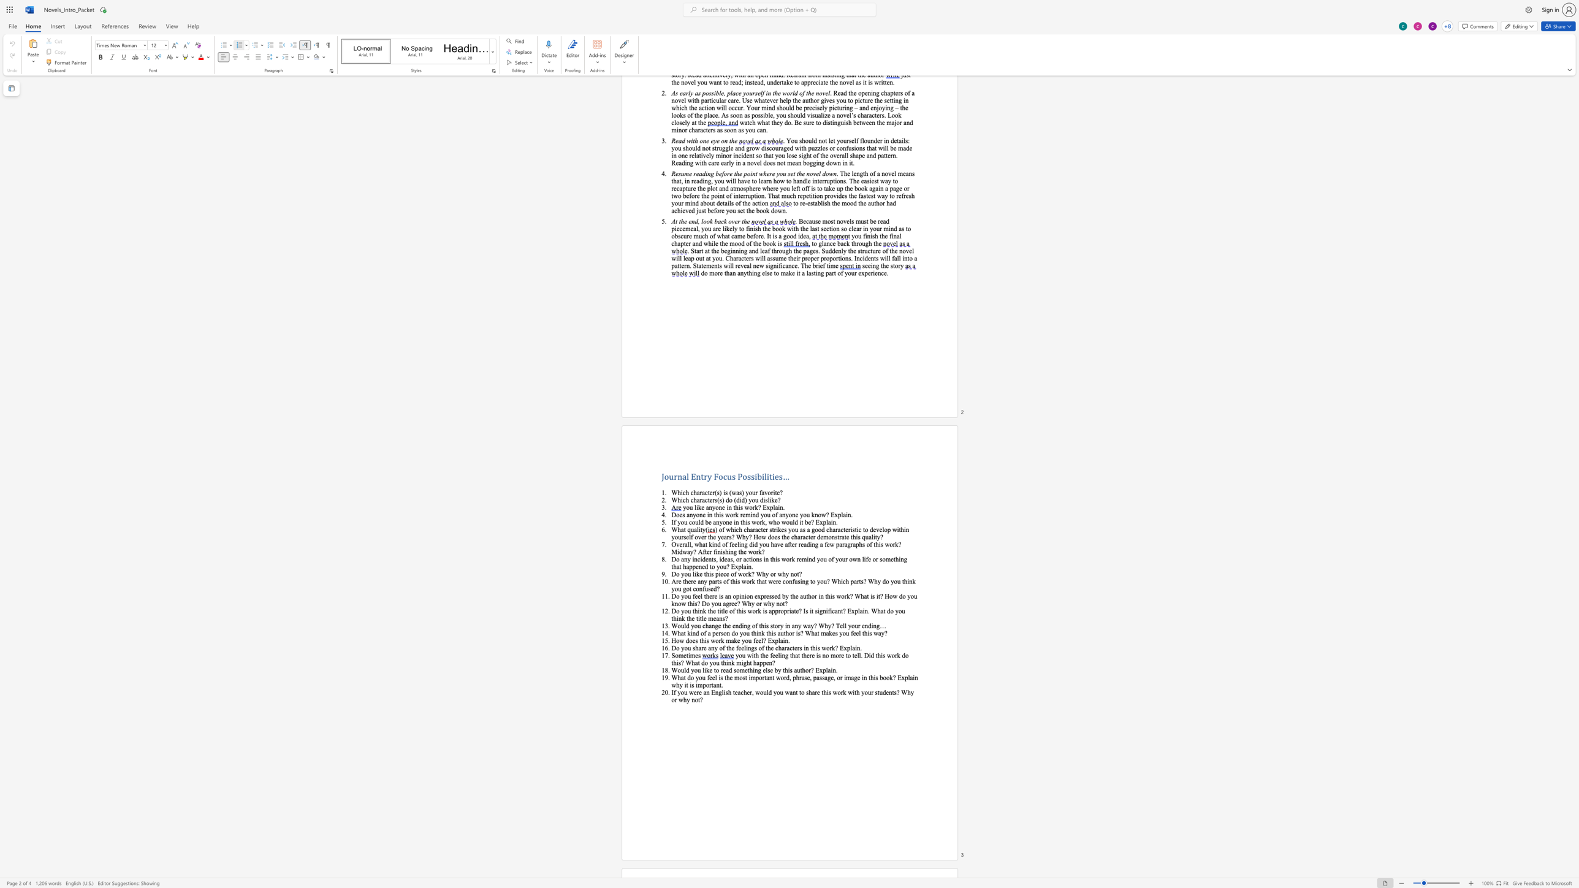  What do you see at coordinates (729, 677) in the screenshot?
I see `the space between the continuous character "h" and "e" in the text` at bounding box center [729, 677].